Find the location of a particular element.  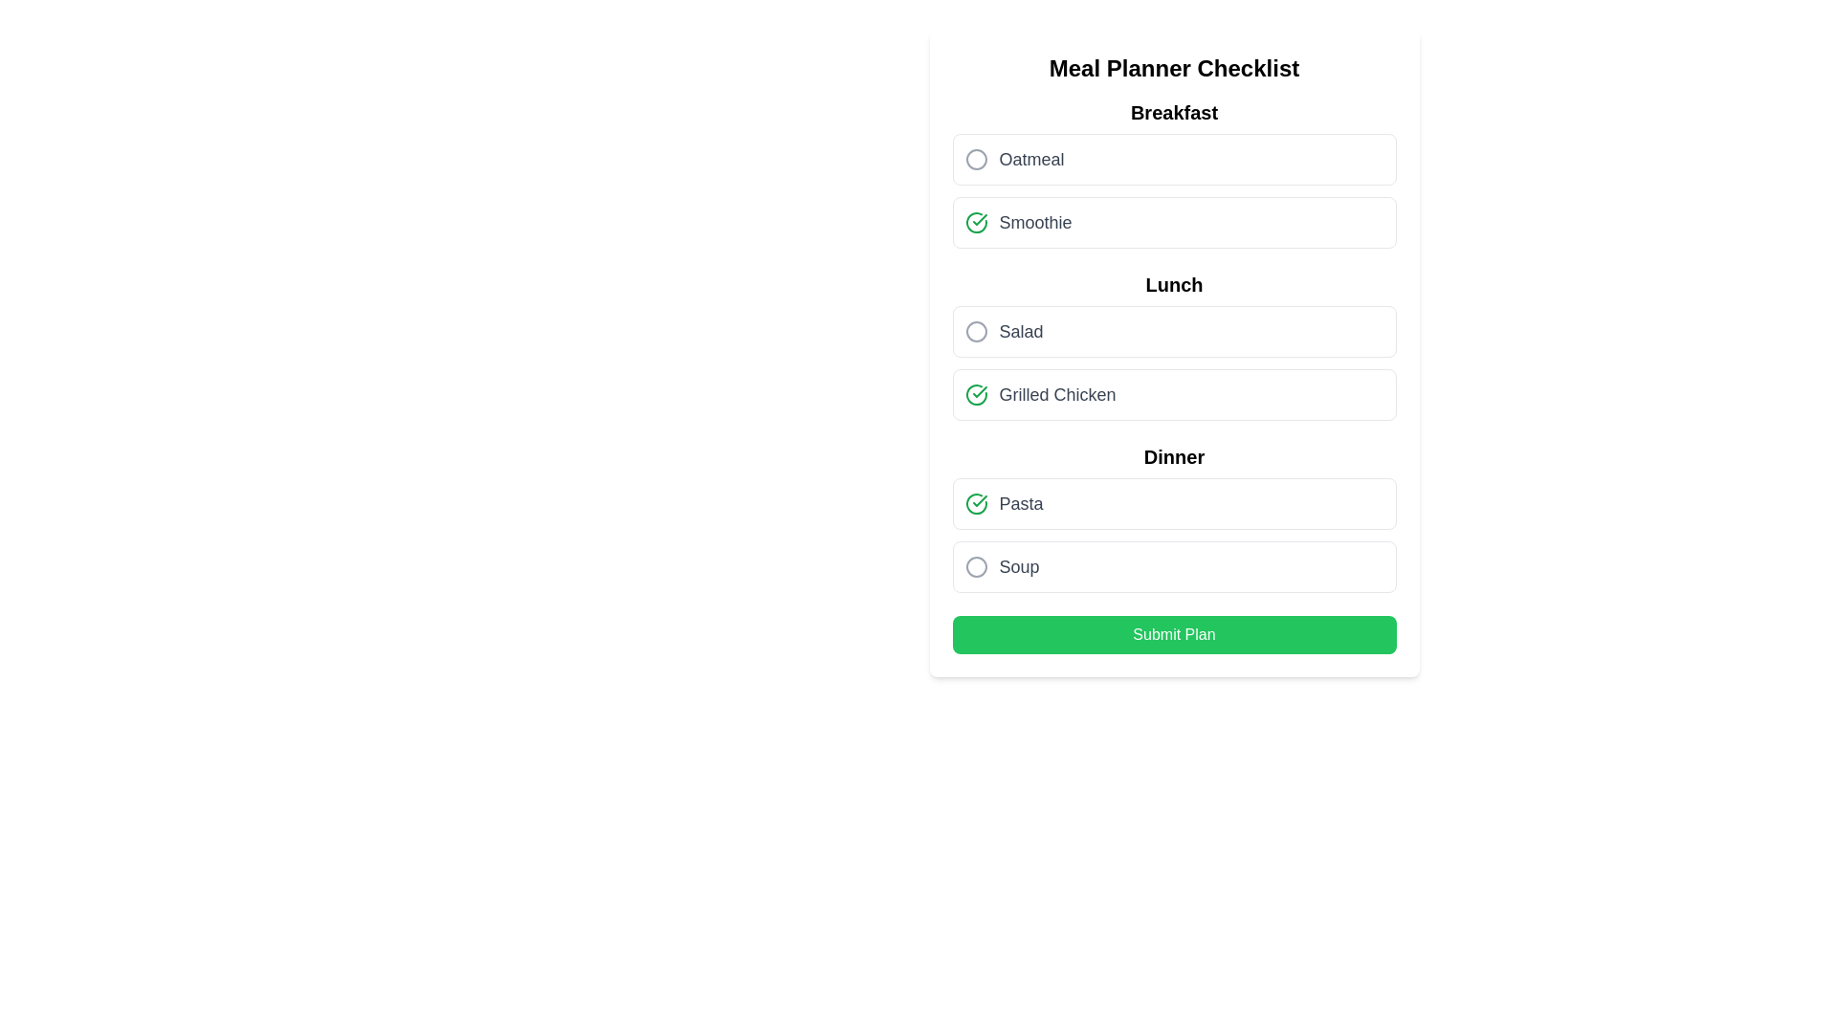

the Radiobutton marker is located at coordinates (976, 158).